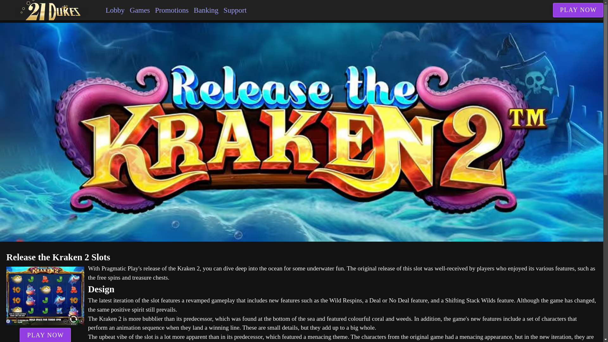 The height and width of the screenshot is (342, 608). What do you see at coordinates (127, 10) in the screenshot?
I see `'Games'` at bounding box center [127, 10].